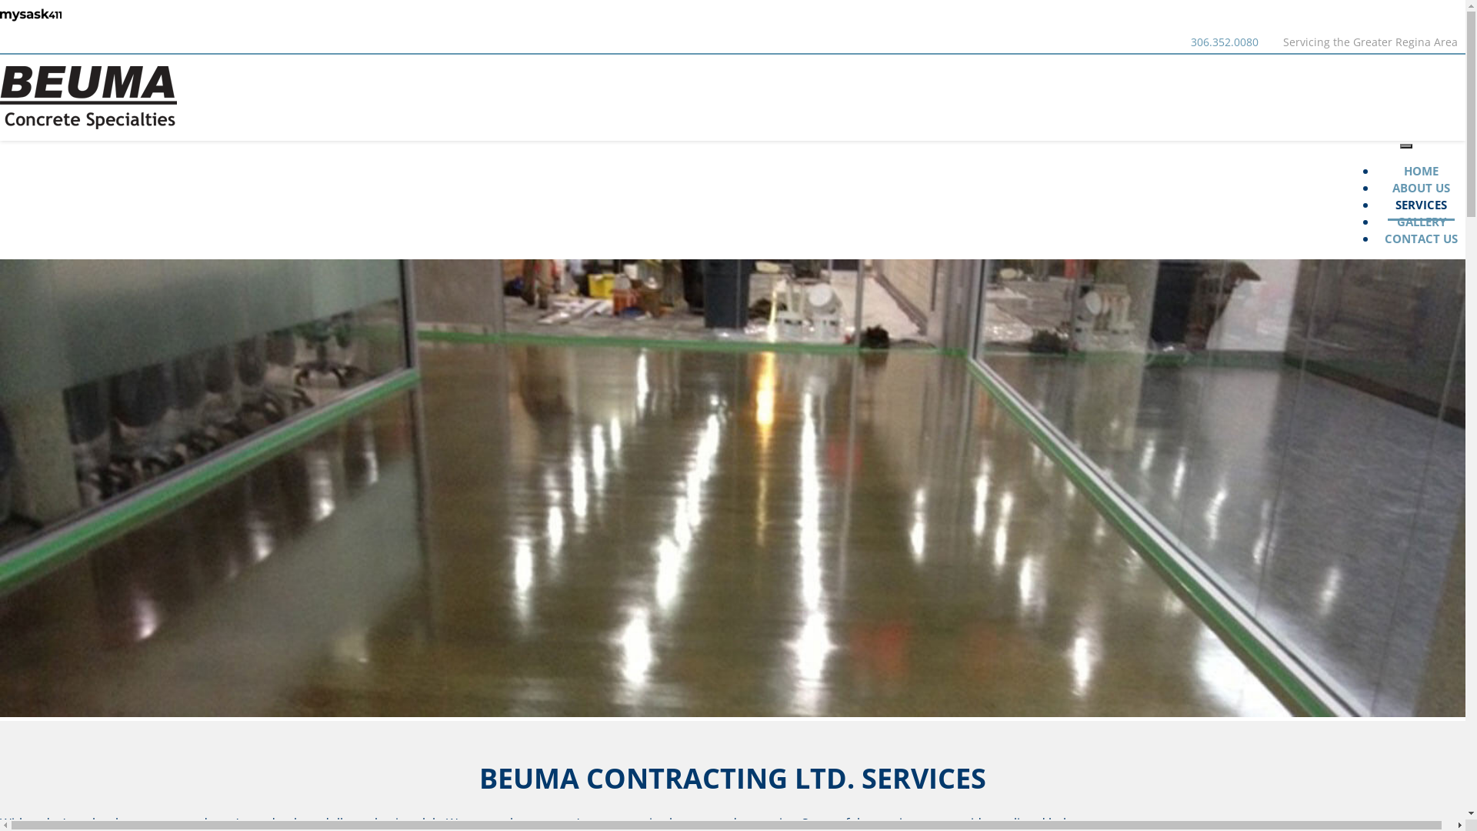  What do you see at coordinates (1389, 222) in the screenshot?
I see `'GALLERY'` at bounding box center [1389, 222].